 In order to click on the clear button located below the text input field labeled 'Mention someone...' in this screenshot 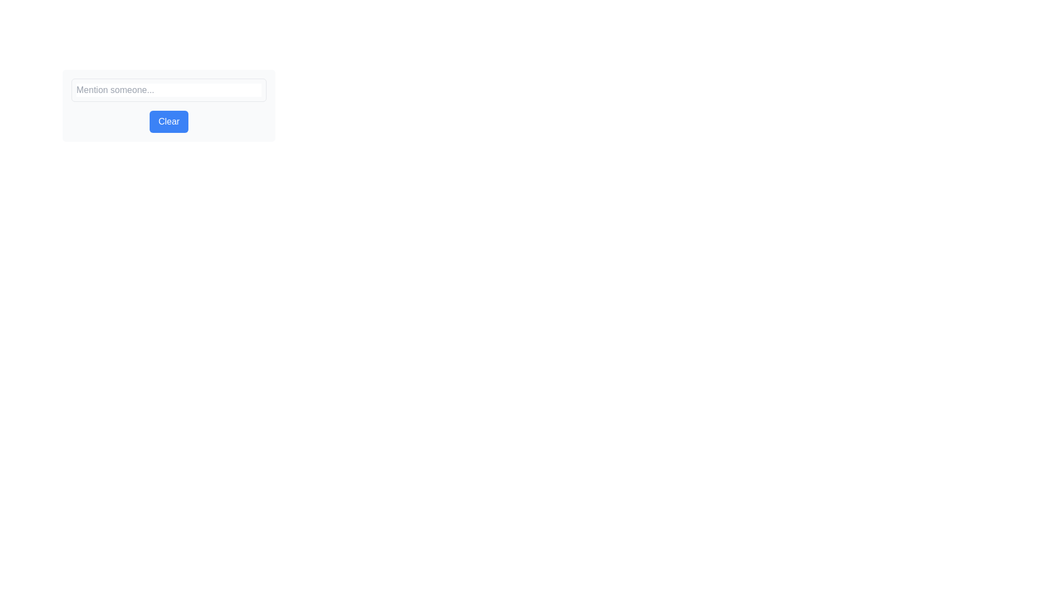, I will do `click(168, 106)`.